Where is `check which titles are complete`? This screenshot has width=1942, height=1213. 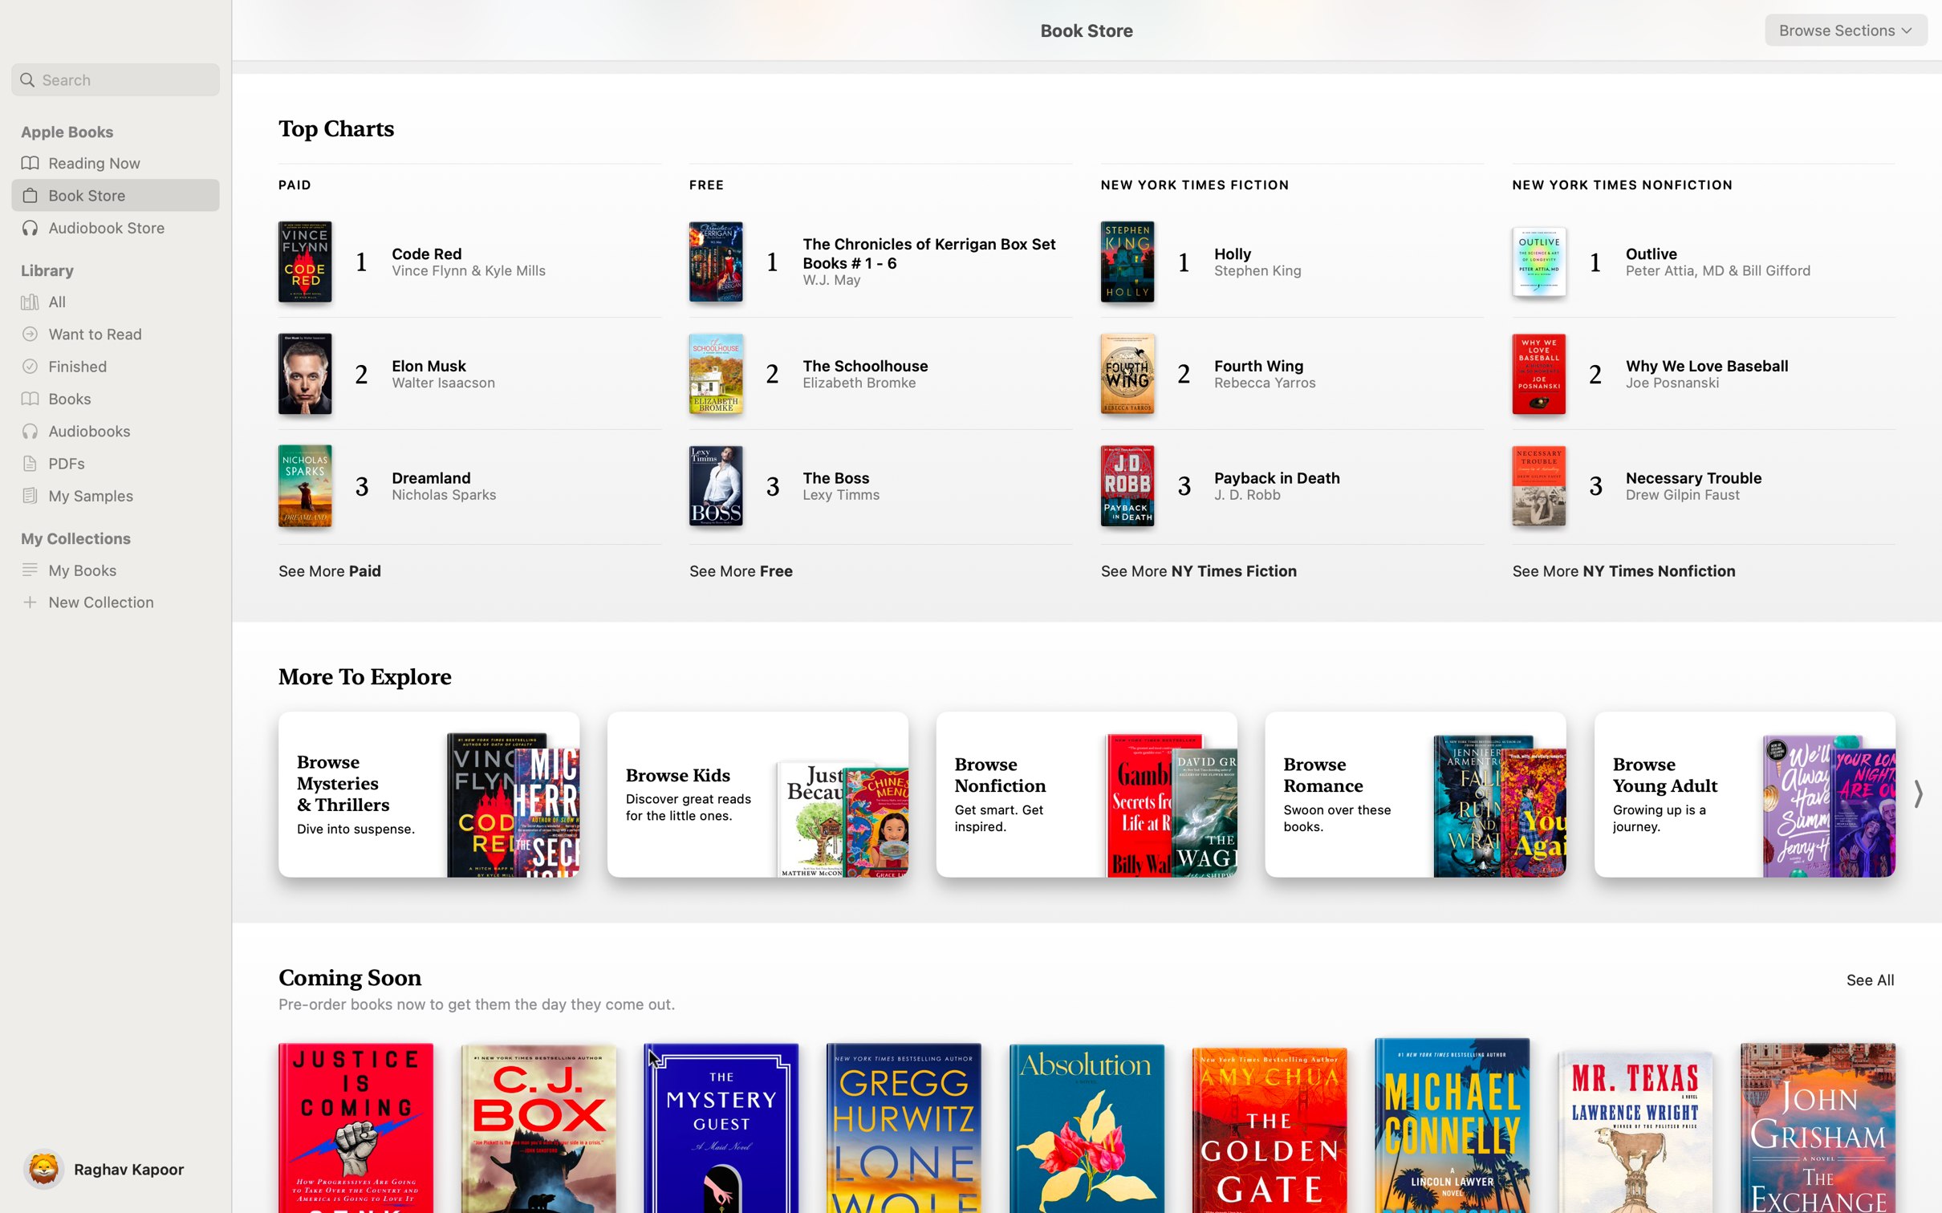 check which titles are complete is located at coordinates (3653873, 1353708).